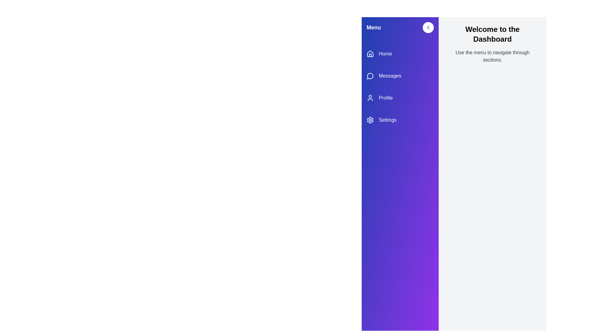 The image size is (589, 331). I want to click on the Settings icon in the sidebar, so click(370, 120).